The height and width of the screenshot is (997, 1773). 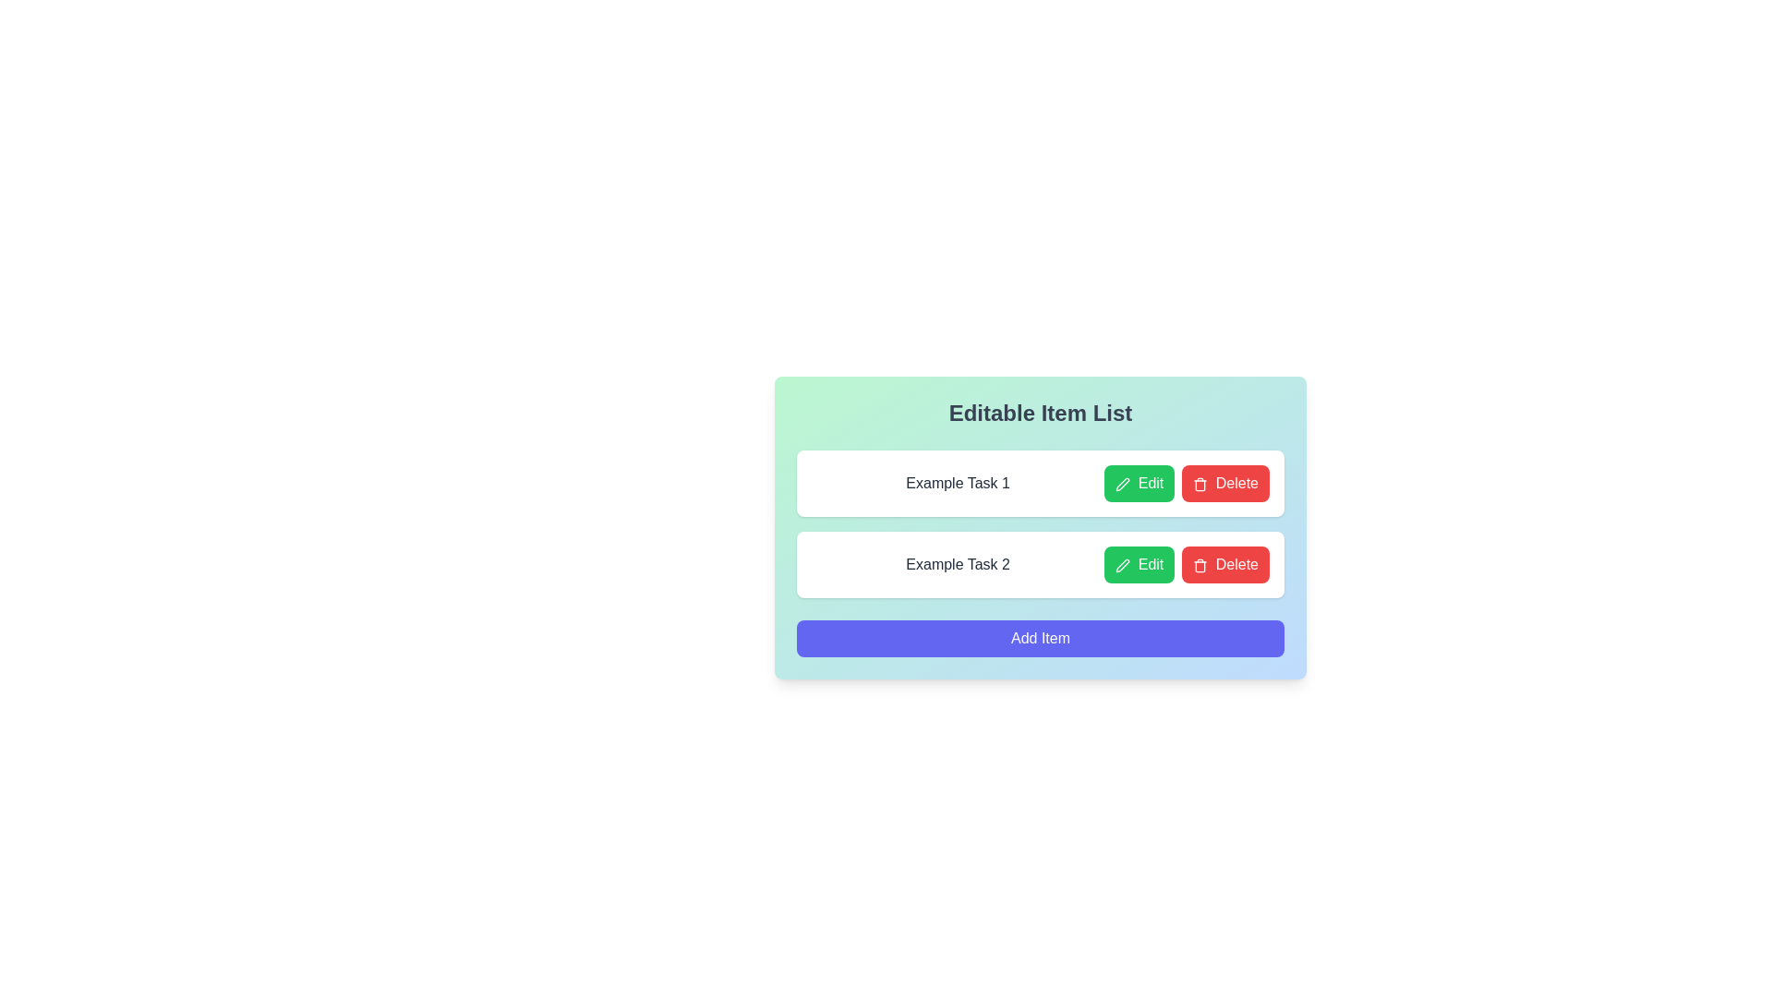 I want to click on the pen icon with a green background located within the 'Edit' button of the first item in the list, adjacent to 'Example Task 1', so click(x=1122, y=483).